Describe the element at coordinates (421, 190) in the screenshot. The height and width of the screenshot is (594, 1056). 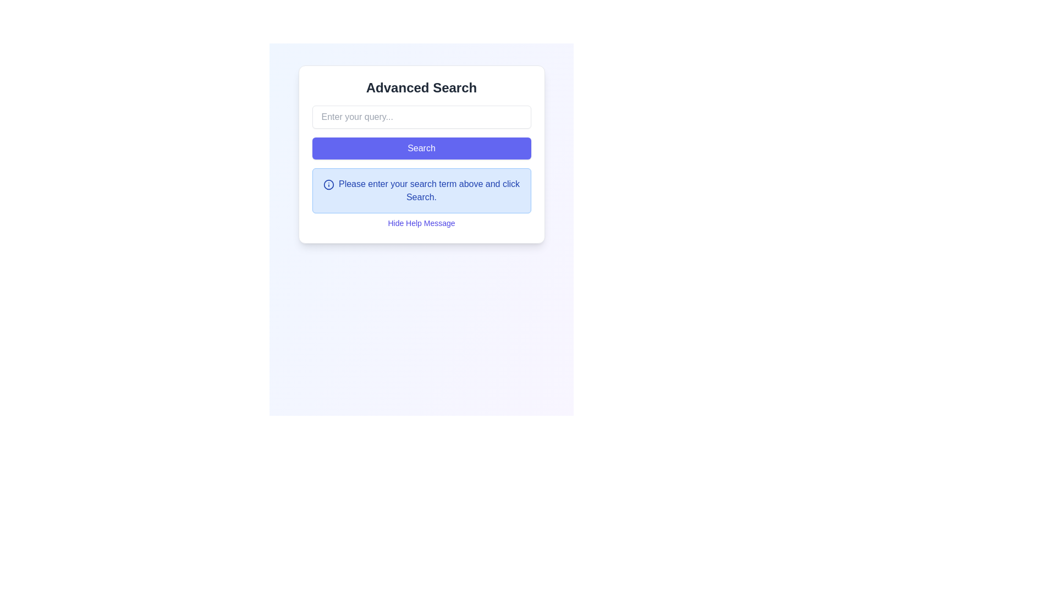
I see `the Instructional Text Box located in the 'Advanced Search' card, which provides guidance for the search operation` at that location.